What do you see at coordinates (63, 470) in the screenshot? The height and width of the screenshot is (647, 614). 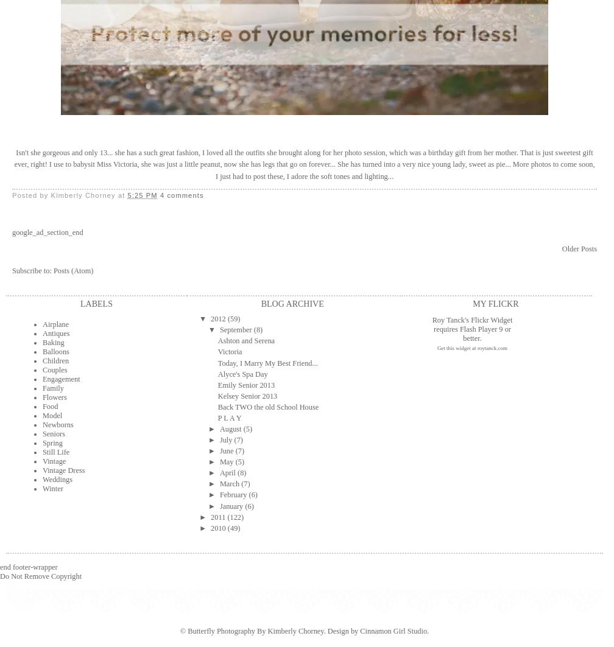 I see `'Vintage Dress'` at bounding box center [63, 470].